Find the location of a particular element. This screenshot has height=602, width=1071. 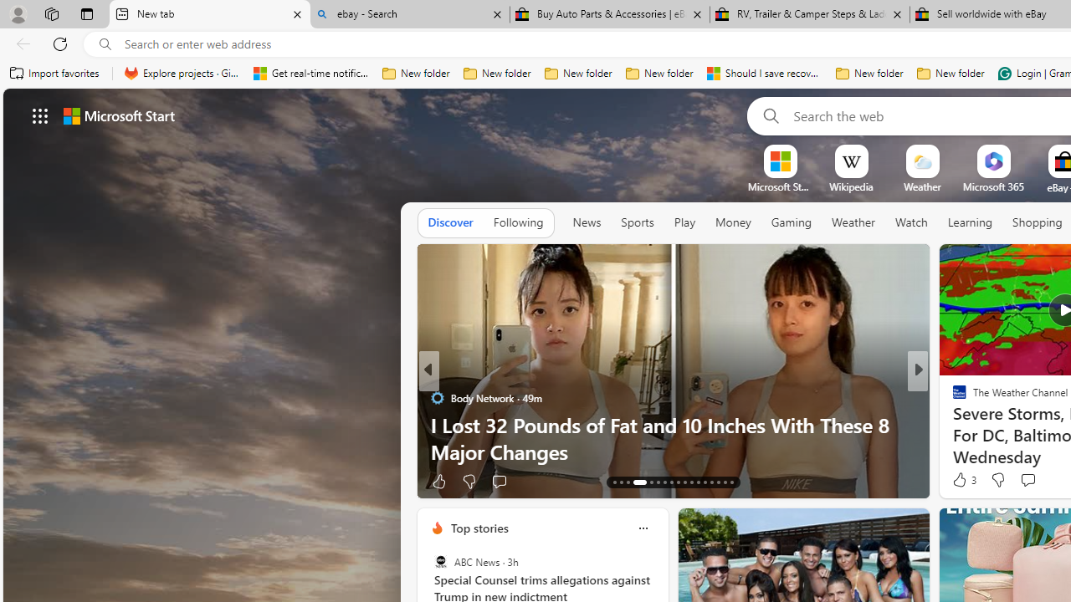

'AutomationID: tab-15' is located at coordinates (627, 482).